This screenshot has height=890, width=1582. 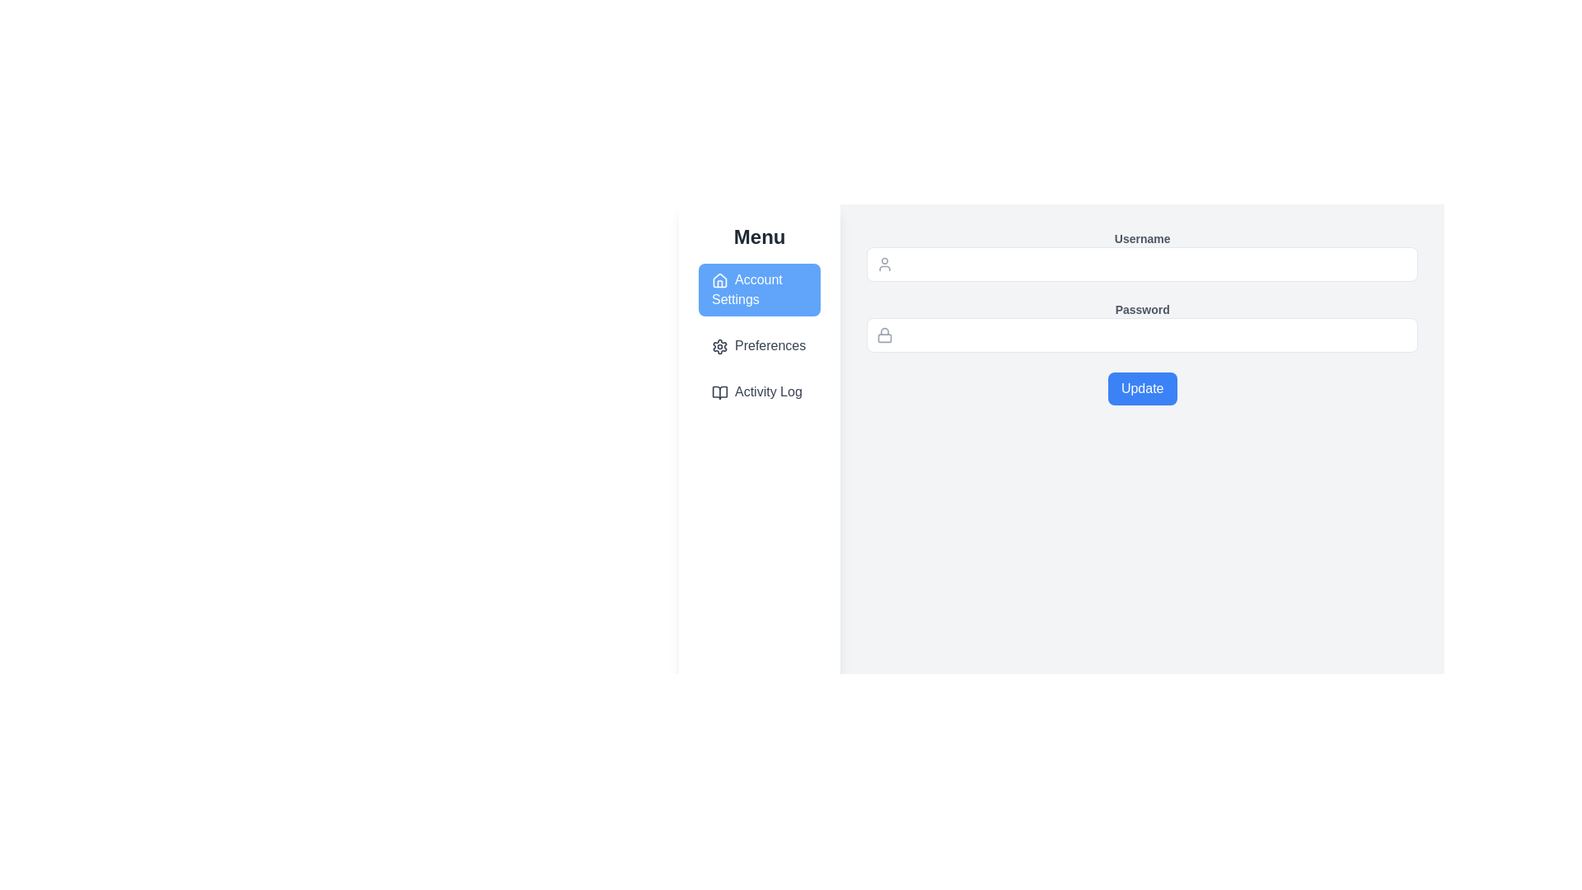 I want to click on the icon representing the 'username' input field, which is located slightly to the left of the text entry area for user credentials, so click(x=884, y=263).